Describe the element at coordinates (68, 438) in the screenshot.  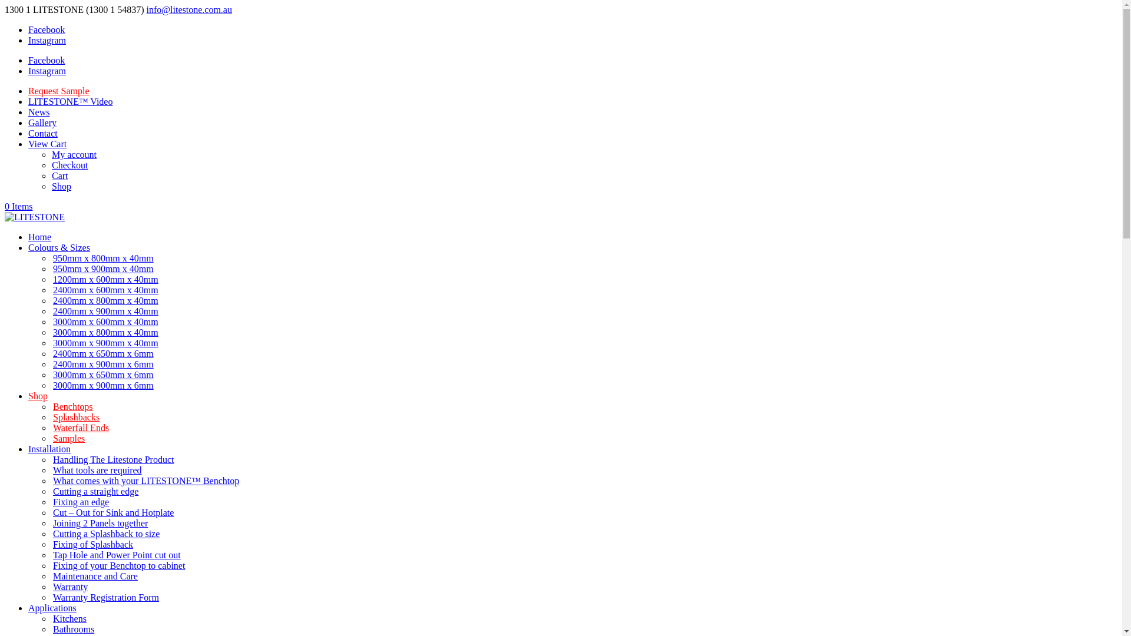
I see `'Samples'` at that location.